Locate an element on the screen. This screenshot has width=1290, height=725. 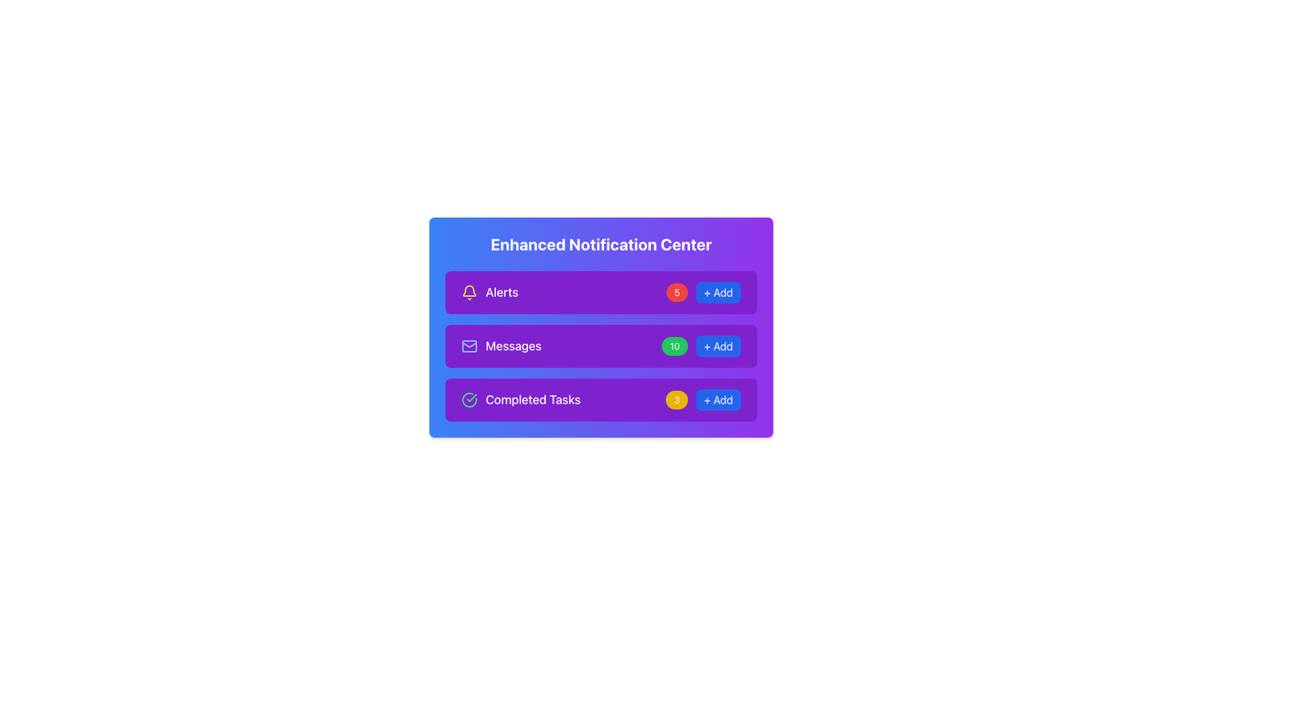
the blue button labeled '+ Add' located in the 'Enhanced Notification Center' card is located at coordinates (718, 291).